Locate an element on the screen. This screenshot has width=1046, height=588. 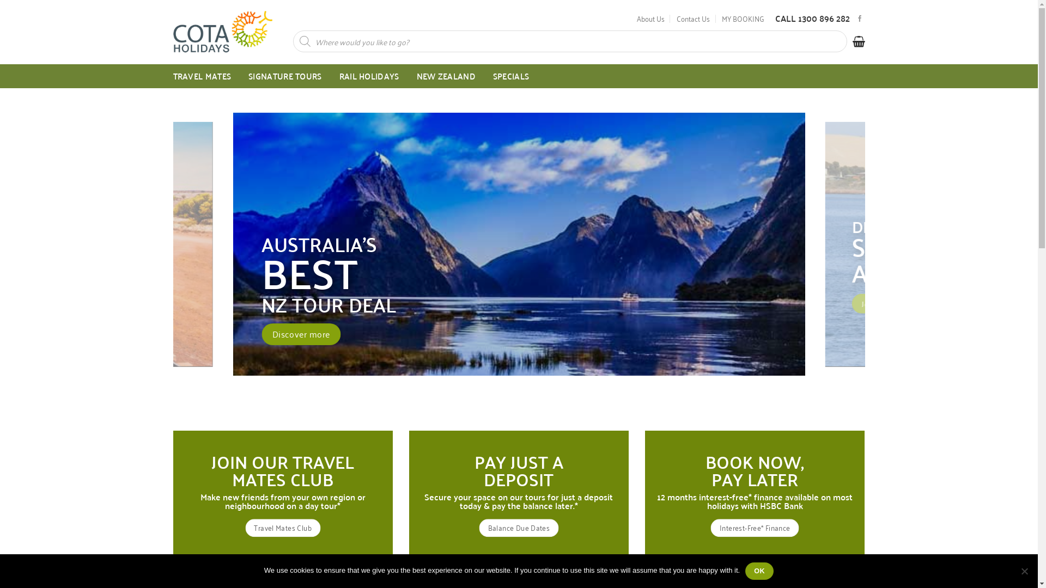
'No' is located at coordinates (1024, 571).